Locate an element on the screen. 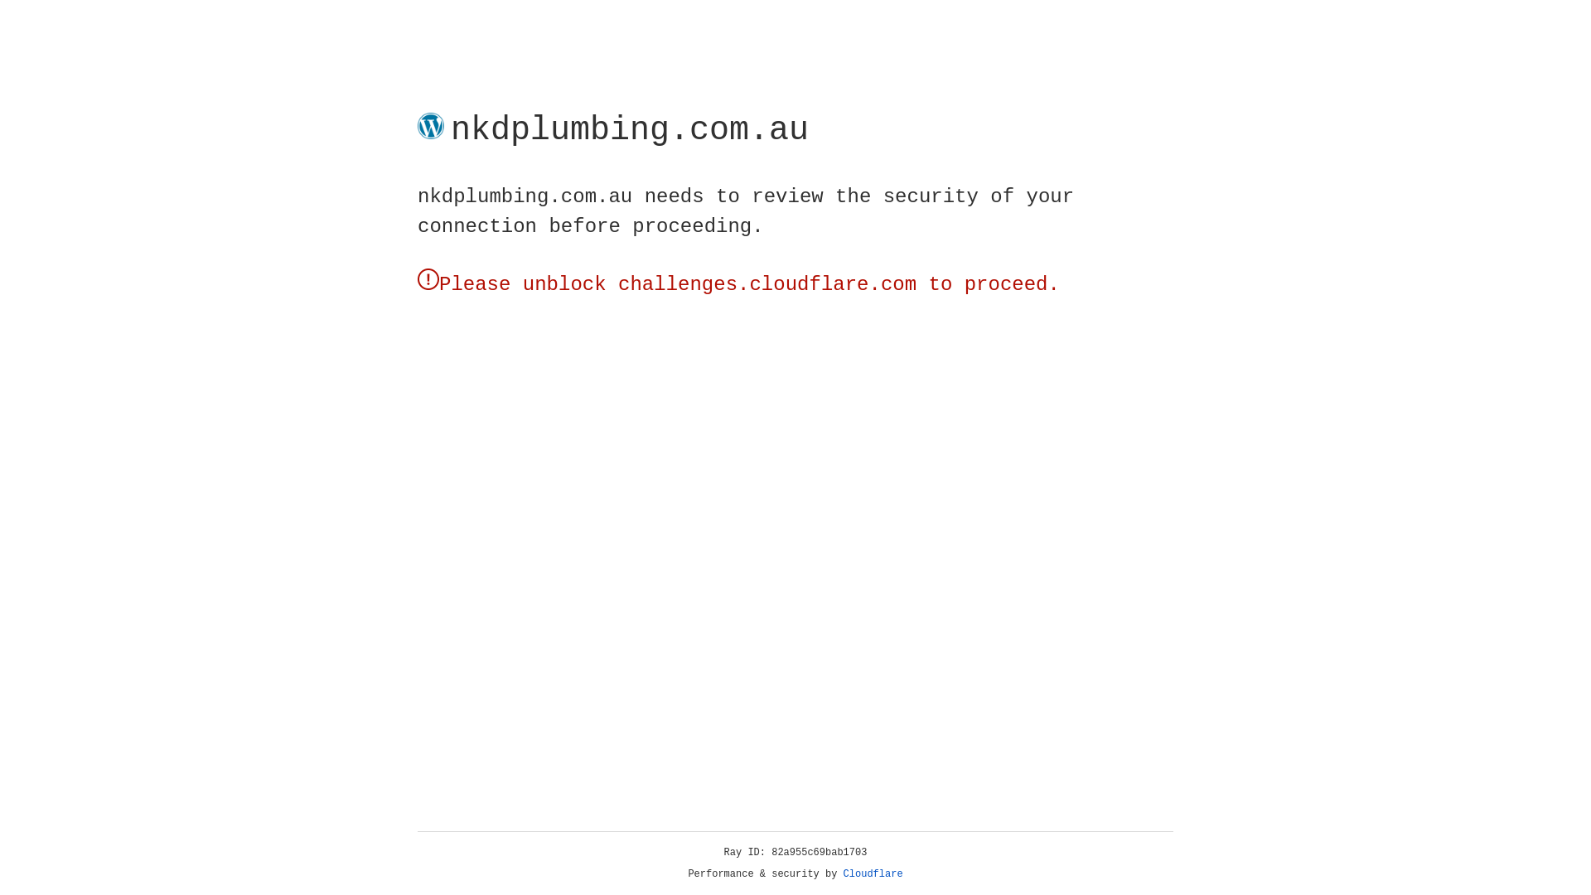  'Cloudflare' is located at coordinates (873, 873).